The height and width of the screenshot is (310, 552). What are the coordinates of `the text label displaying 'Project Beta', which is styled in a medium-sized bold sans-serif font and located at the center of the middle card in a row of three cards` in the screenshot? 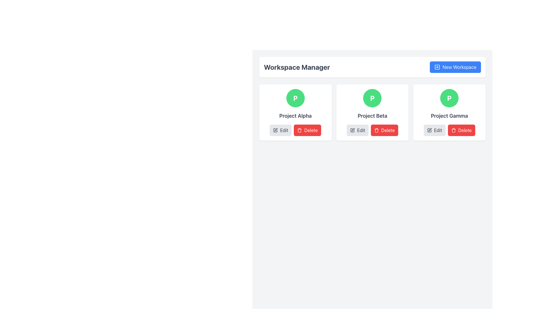 It's located at (372, 116).